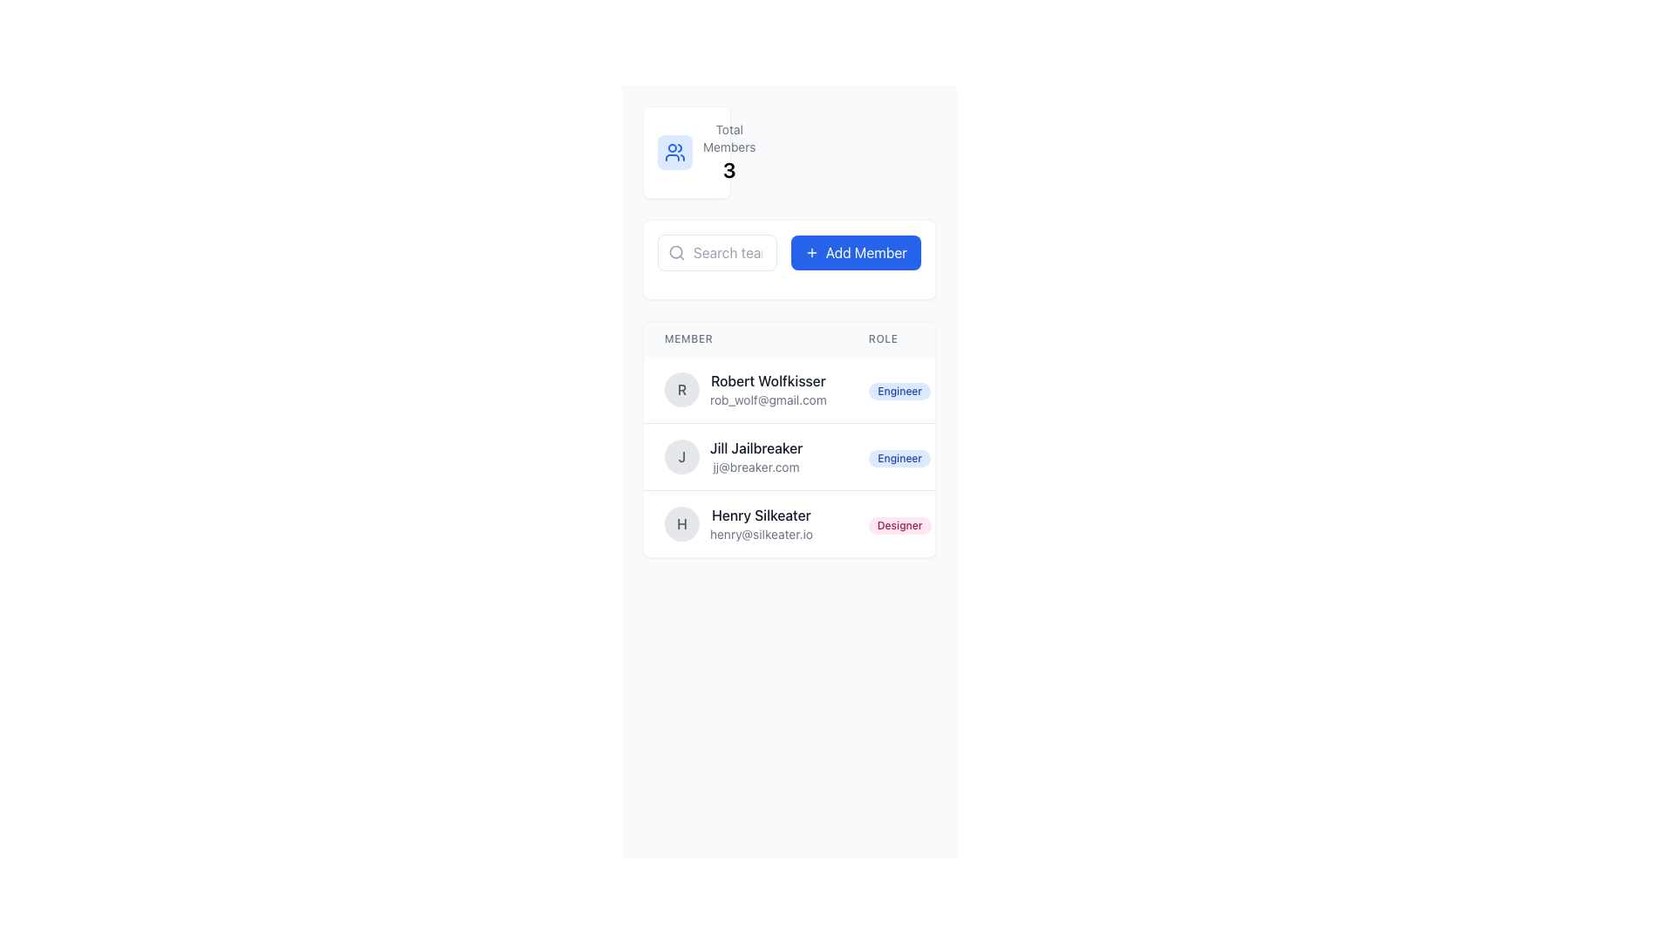 This screenshot has height=942, width=1675. Describe the element at coordinates (676, 252) in the screenshot. I see `the search icon located at the left side of the search input box, which symbolizes the search feature and assists users in recognizing the input field for entering search queries` at that location.